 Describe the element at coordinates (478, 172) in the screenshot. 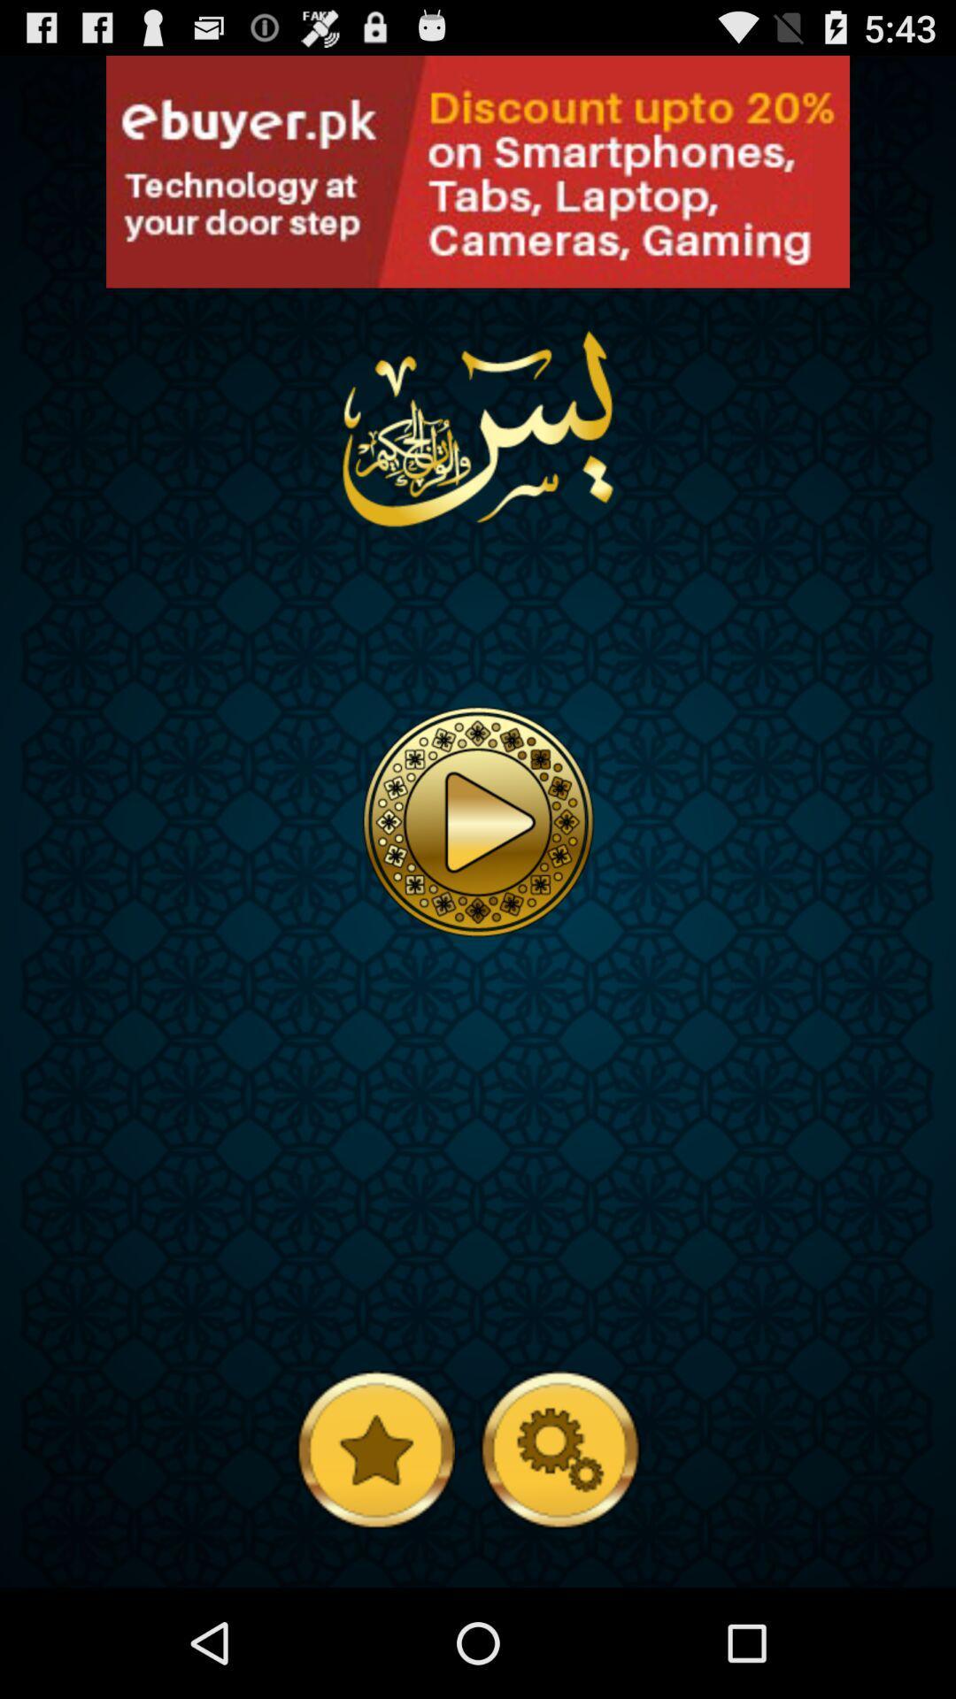

I see `open advertisement` at that location.